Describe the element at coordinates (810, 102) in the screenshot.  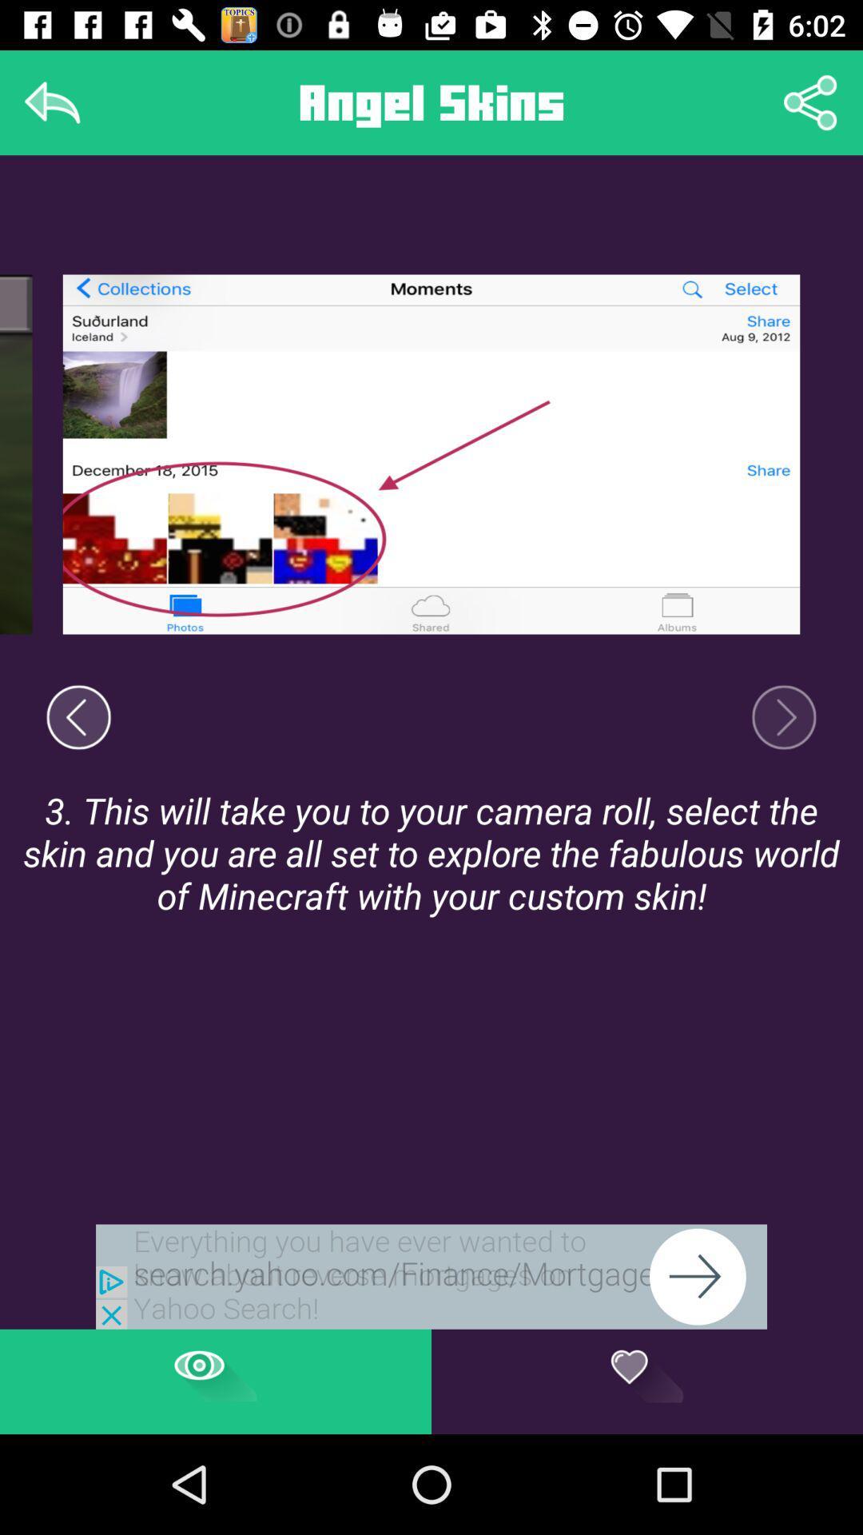
I see `the share icon` at that location.